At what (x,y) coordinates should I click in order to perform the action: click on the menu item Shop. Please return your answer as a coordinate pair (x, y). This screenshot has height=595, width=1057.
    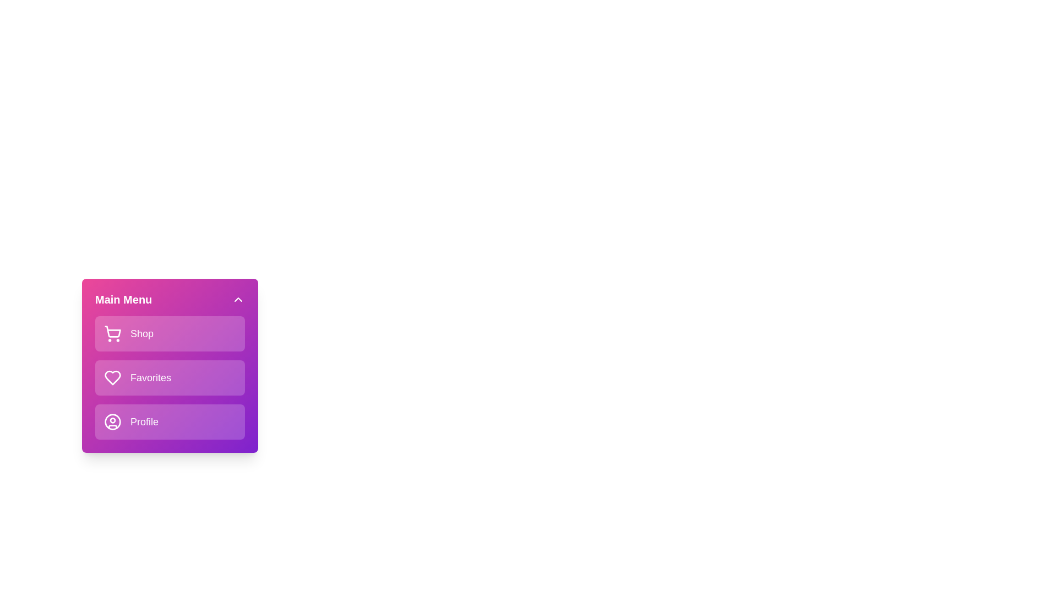
    Looking at the image, I should click on (169, 333).